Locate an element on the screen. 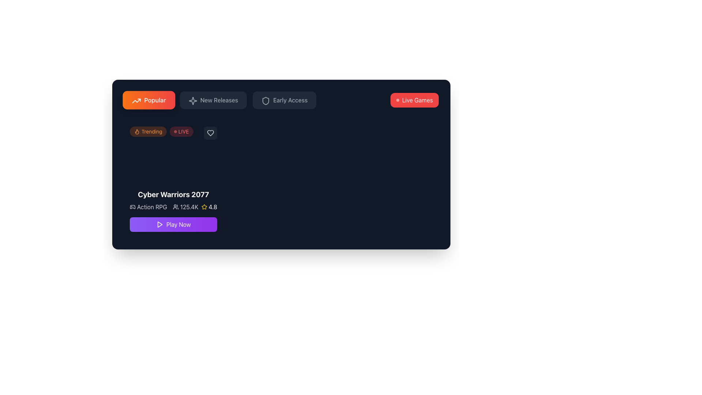 Image resolution: width=702 pixels, height=395 pixels. the decorative or actionable icon representing 'New Releases', which is the second option in a horizontal menu located between the 'Popular' button and the 'Early Access' button is located at coordinates (193, 101).